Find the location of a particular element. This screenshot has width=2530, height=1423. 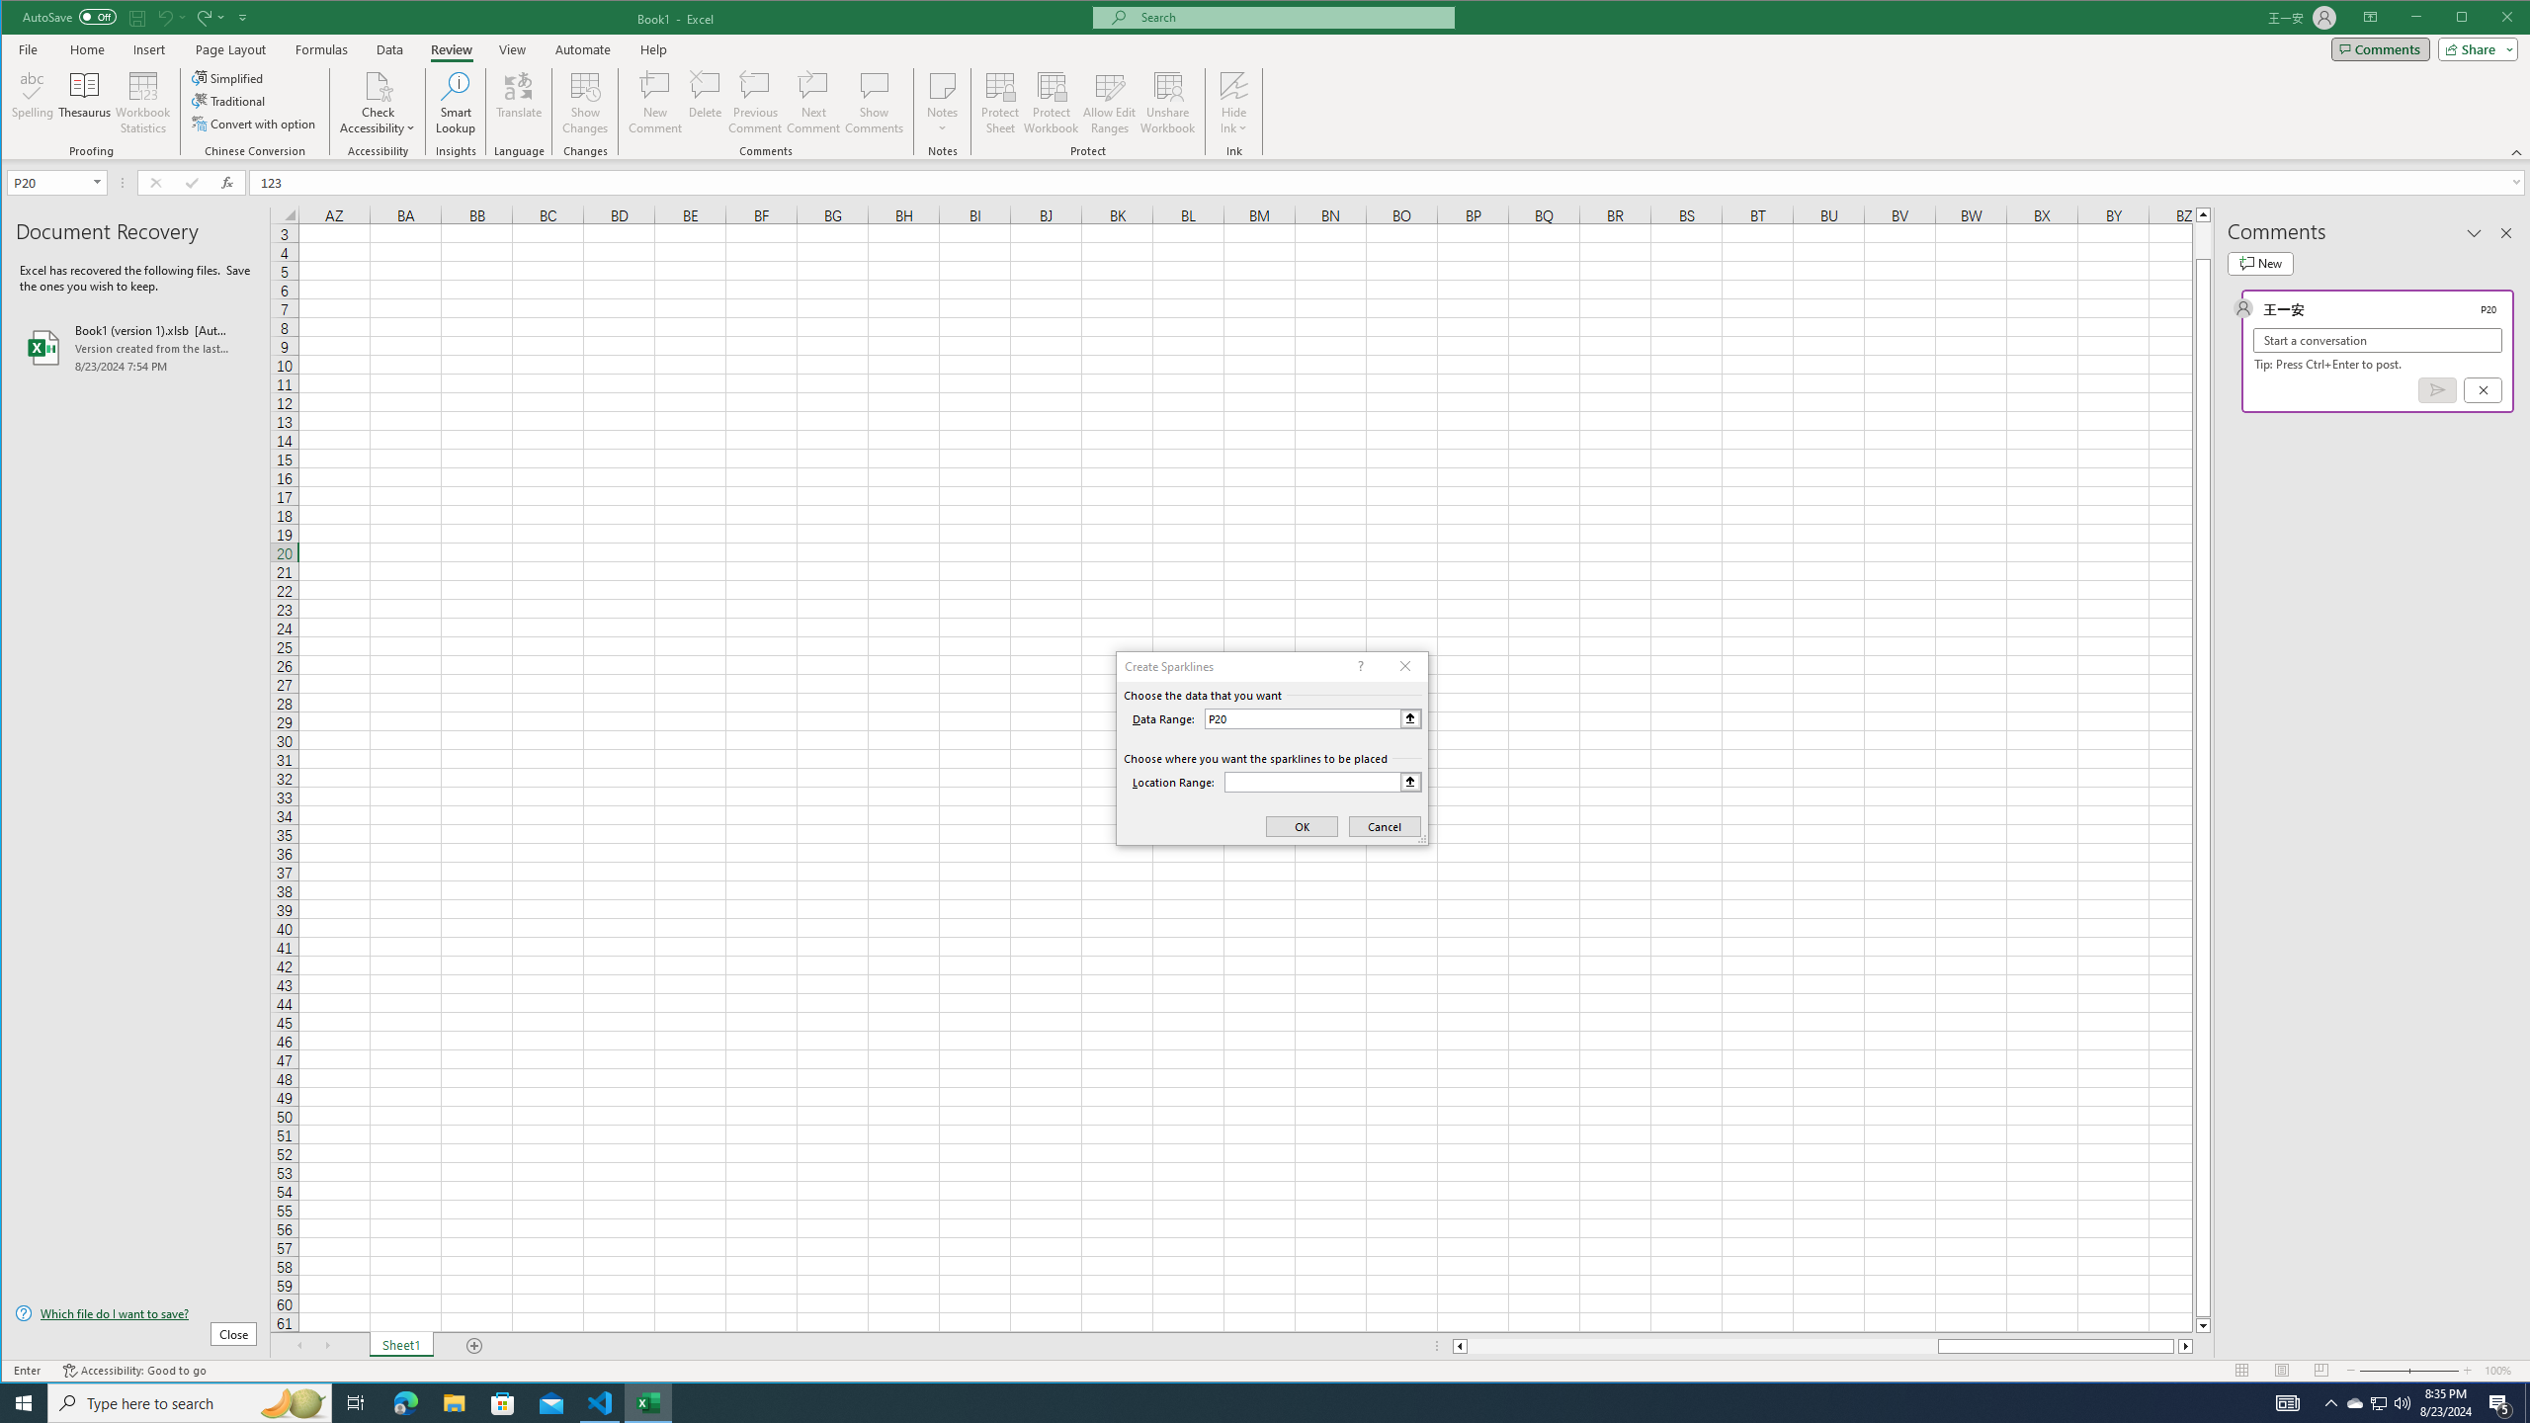

'Show Comments' is located at coordinates (874, 102).